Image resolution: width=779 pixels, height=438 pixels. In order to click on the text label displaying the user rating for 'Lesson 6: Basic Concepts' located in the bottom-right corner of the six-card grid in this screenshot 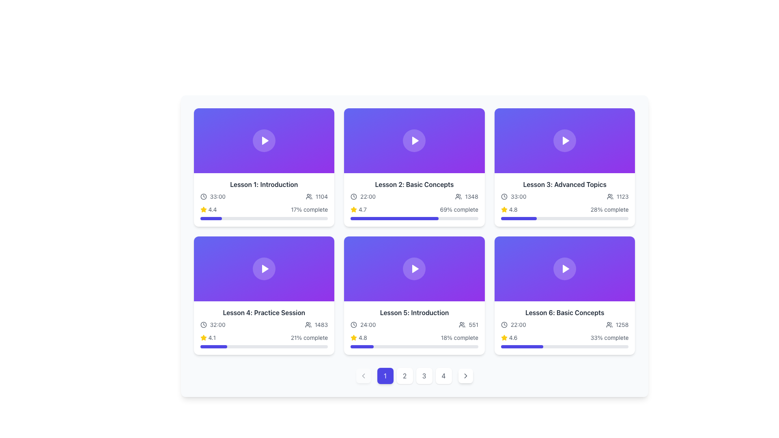, I will do `click(513, 338)`.